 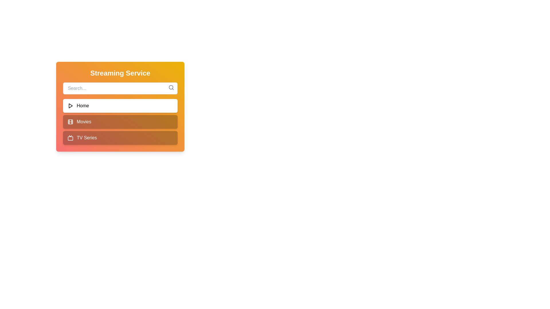 What do you see at coordinates (171, 87) in the screenshot?
I see `the circular visual element representing the lens of the magnifying glass icon located in the upper-right corner of the search field` at bounding box center [171, 87].